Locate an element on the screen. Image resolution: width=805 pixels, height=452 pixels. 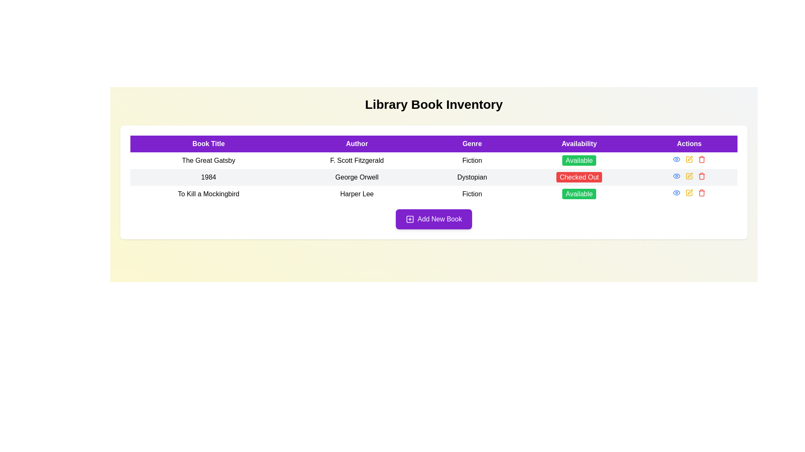
the edit button located to the right of the 'Actions' column in the row for the book '1984' by George Orwell is located at coordinates (689, 159).